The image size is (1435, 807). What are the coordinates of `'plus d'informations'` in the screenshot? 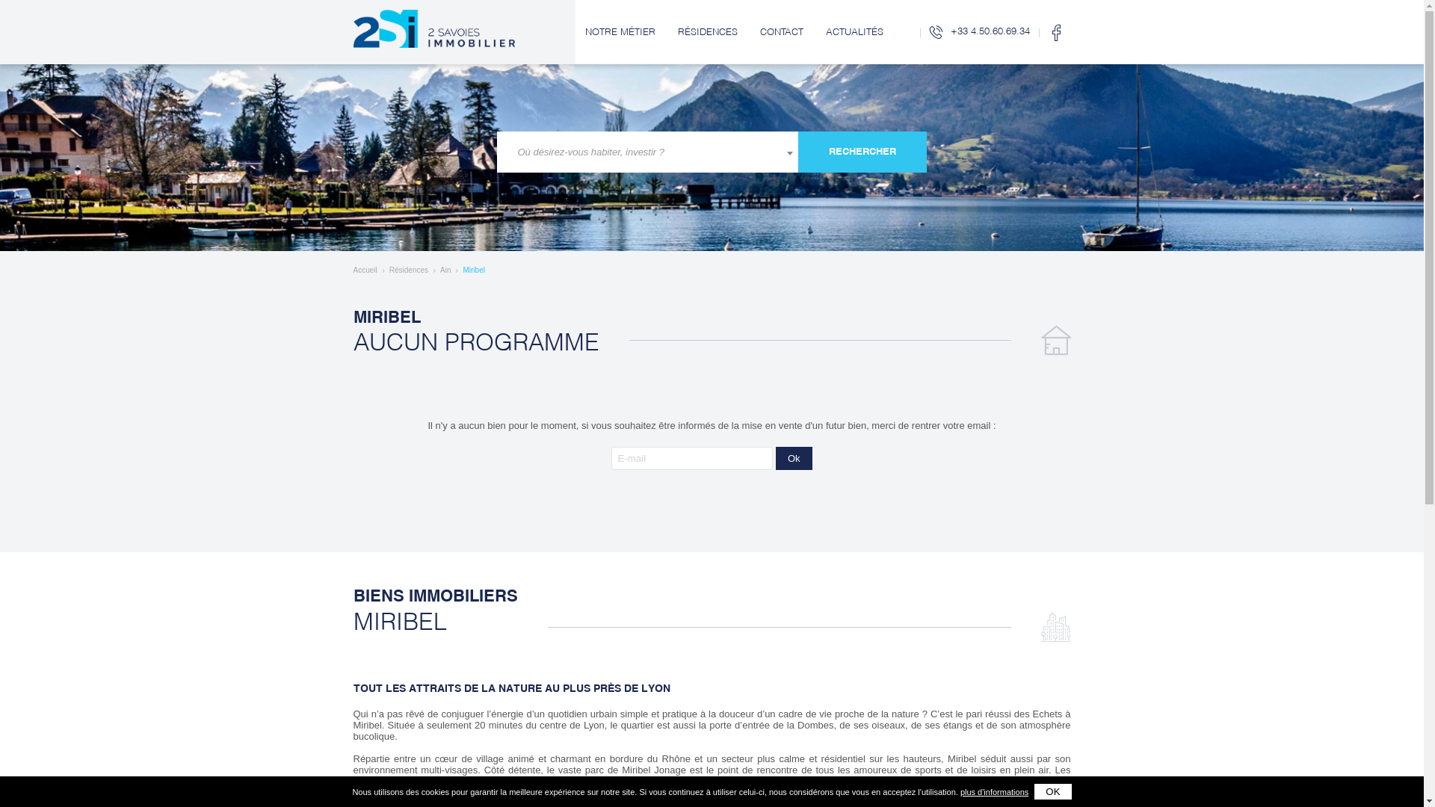 It's located at (960, 791).